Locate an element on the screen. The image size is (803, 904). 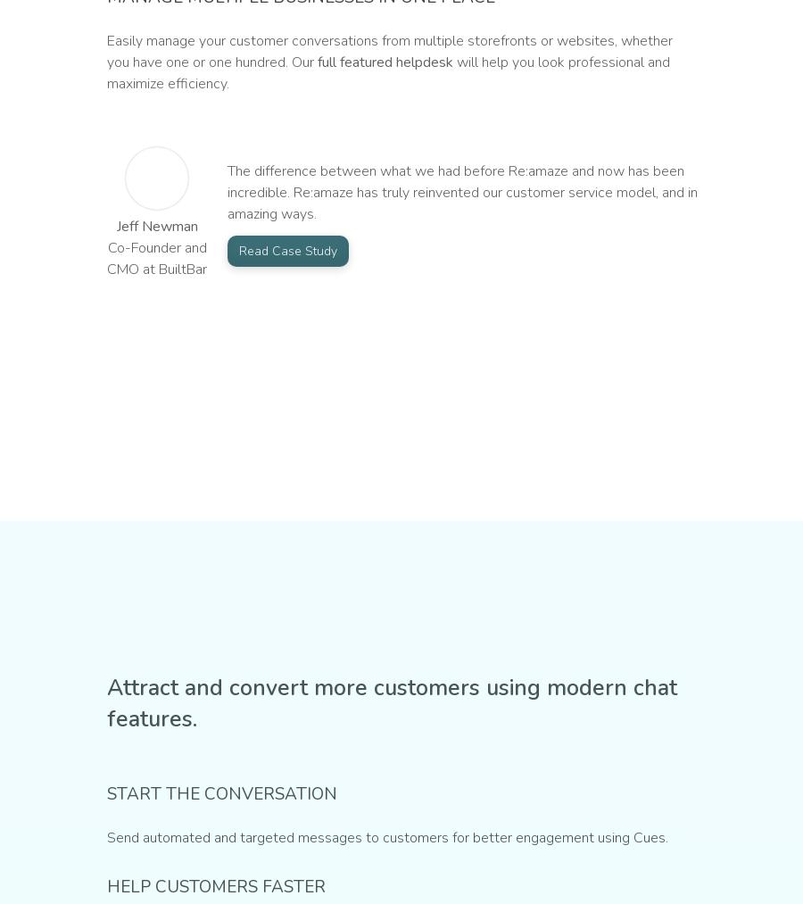
'Attract and convert more customers using modern chat features.' is located at coordinates (392, 702).